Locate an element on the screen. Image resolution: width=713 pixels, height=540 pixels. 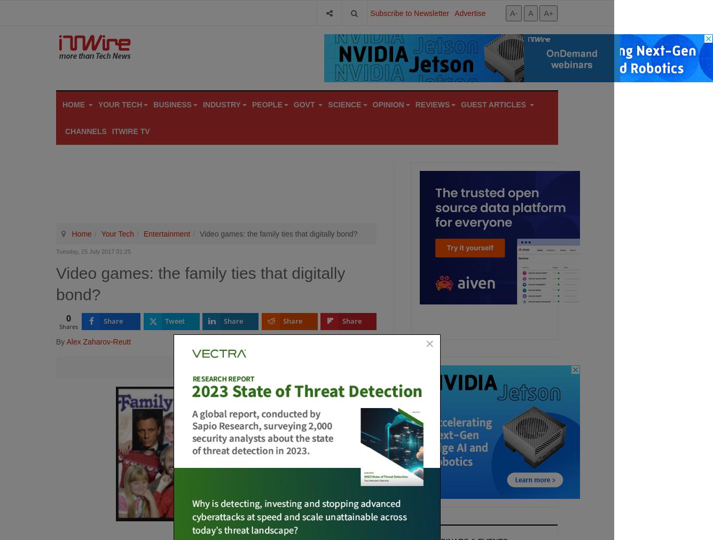
'A+' is located at coordinates (548, 12).